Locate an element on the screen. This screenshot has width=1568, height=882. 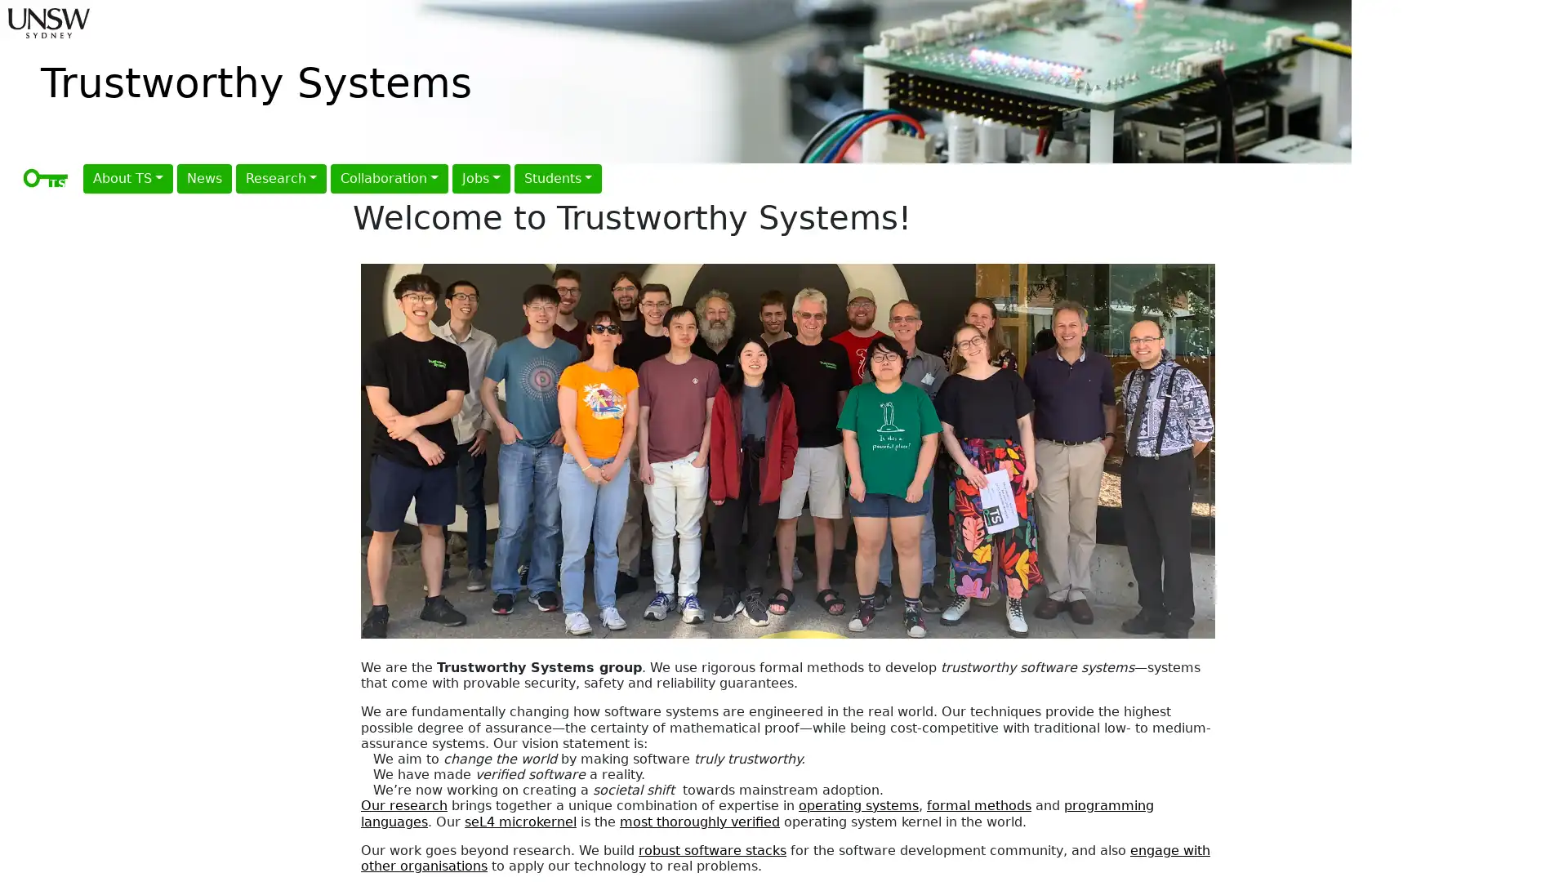
About TS is located at coordinates (127, 178).